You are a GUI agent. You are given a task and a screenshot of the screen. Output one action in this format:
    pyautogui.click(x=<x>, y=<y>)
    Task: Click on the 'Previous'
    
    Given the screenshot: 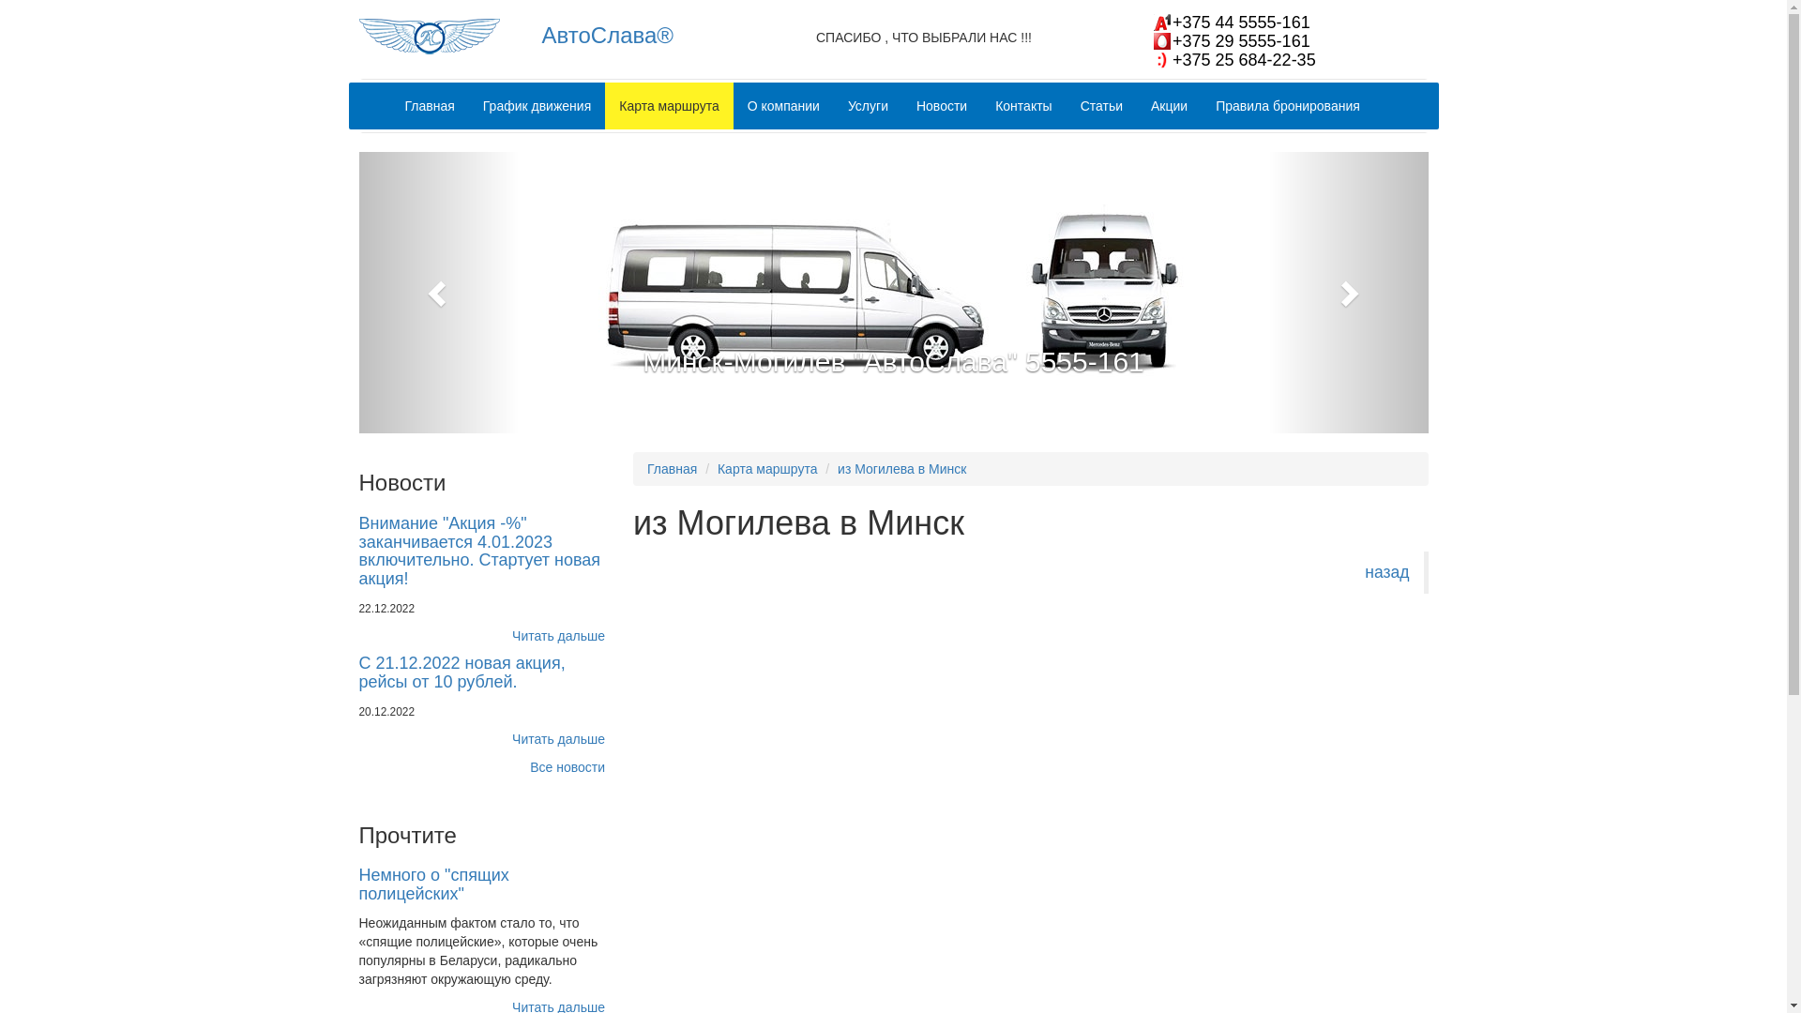 What is the action you would take?
    pyautogui.click(x=437, y=293)
    